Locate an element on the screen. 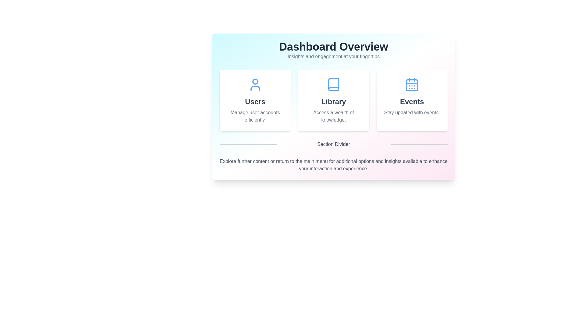 This screenshot has width=585, height=329. the label indicating the section for managing user accounts, located on the left side of the second row of the page interface is located at coordinates (255, 101).